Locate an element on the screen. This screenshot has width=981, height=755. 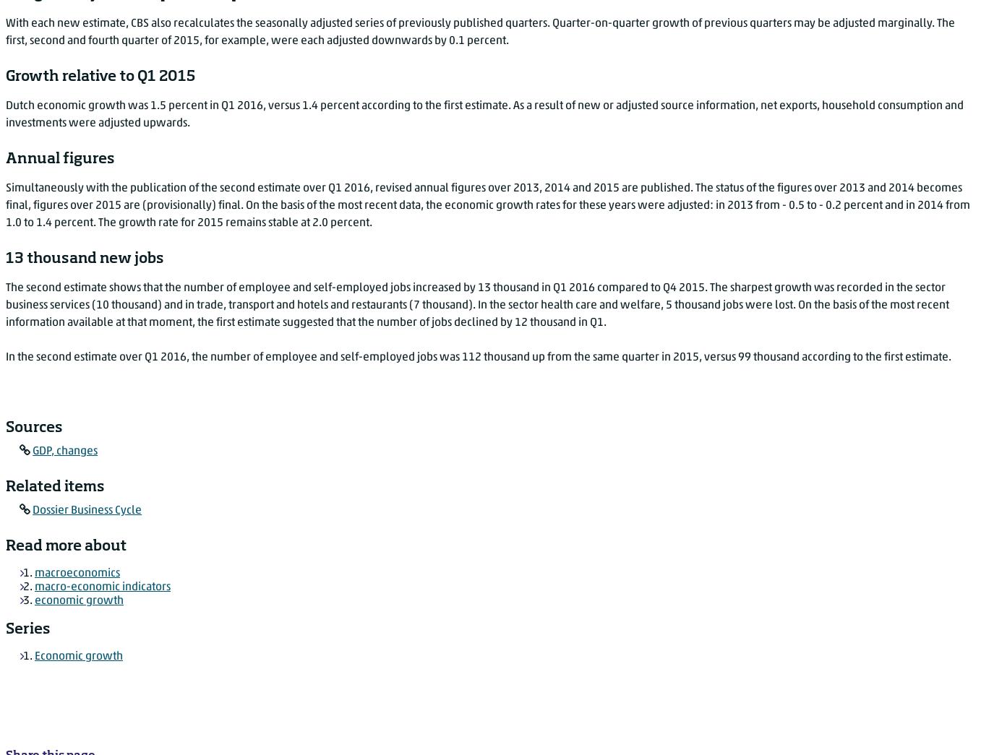
'- 0.2 percent' is located at coordinates (850, 204).